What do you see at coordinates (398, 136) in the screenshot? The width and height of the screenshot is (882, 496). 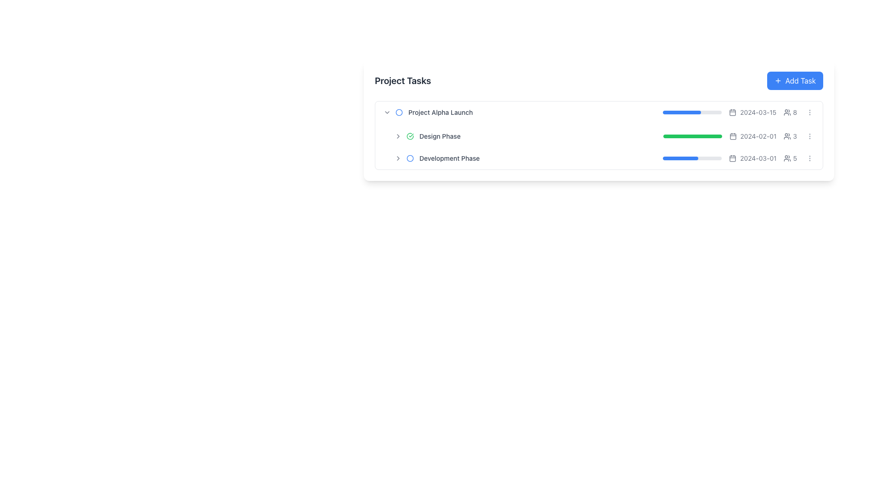 I see `the chevron icon located to the left of the 'Design Phase' text in the 'Project Tasks' list` at bounding box center [398, 136].